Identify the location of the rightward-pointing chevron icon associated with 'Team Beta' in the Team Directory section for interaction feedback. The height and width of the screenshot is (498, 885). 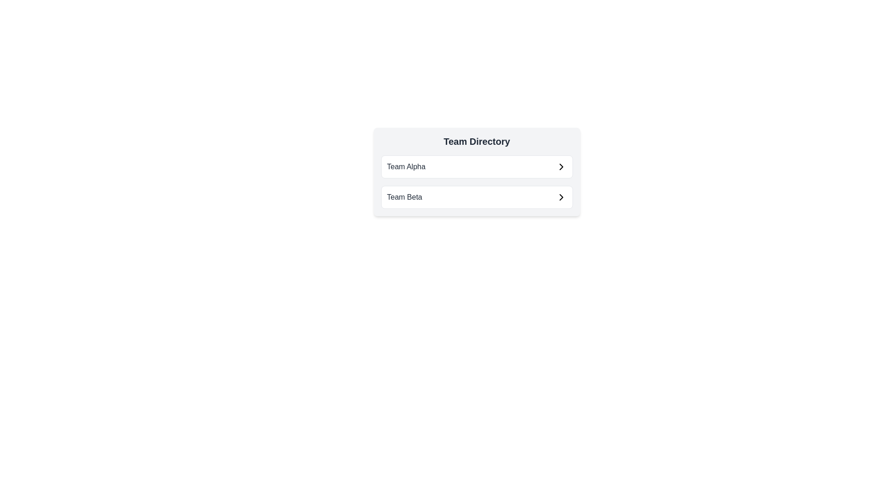
(560, 197).